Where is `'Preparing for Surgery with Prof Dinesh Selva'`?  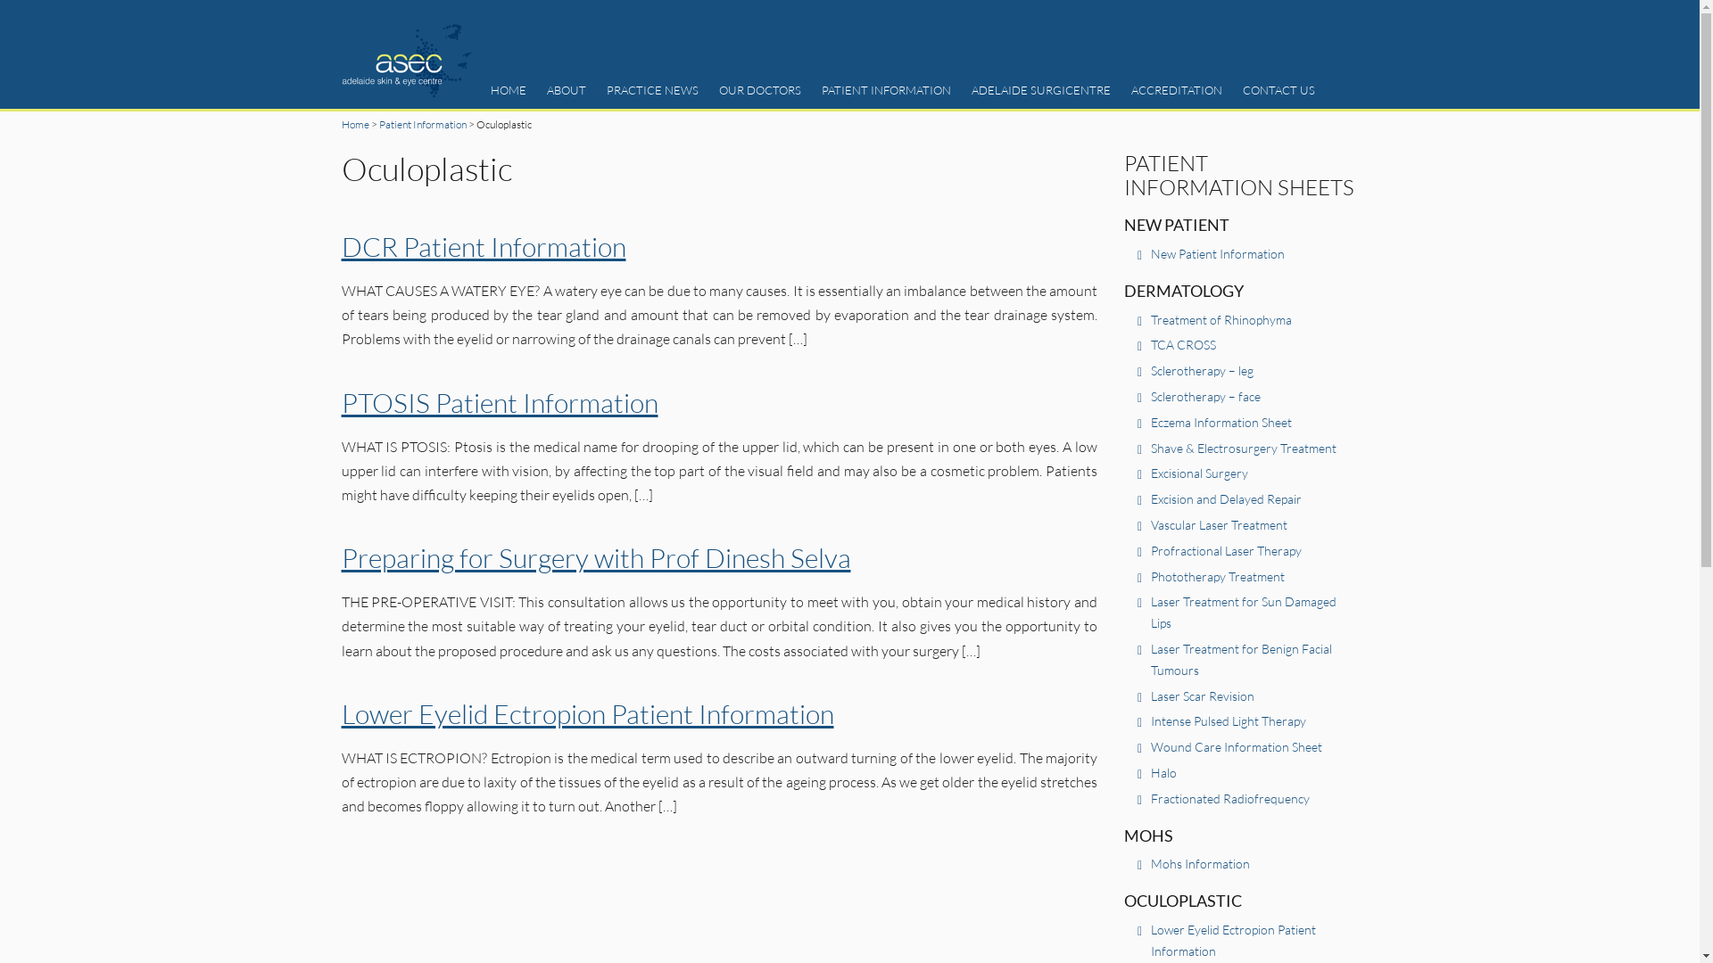 'Preparing for Surgery with Prof Dinesh Selva' is located at coordinates (595, 556).